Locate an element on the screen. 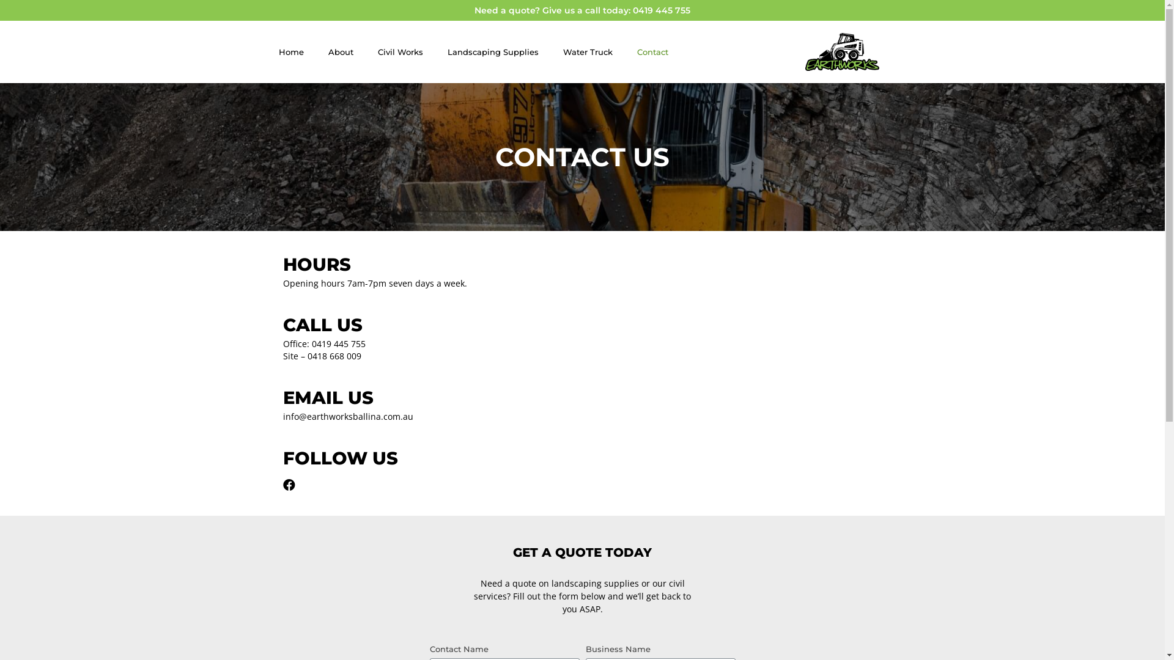 The height and width of the screenshot is (660, 1174). 'Home' is located at coordinates (290, 51).